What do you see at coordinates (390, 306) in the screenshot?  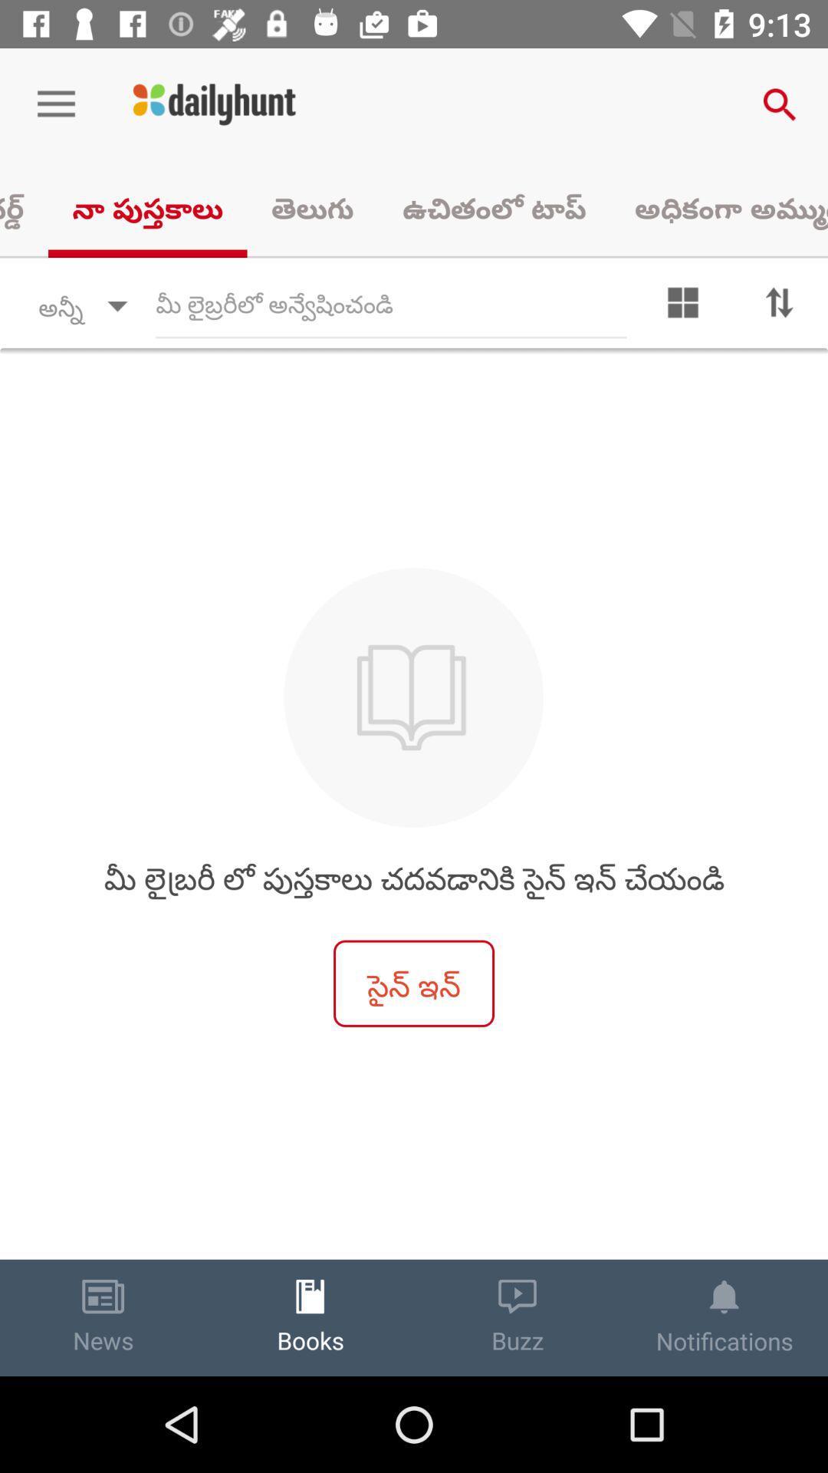 I see `text field` at bounding box center [390, 306].